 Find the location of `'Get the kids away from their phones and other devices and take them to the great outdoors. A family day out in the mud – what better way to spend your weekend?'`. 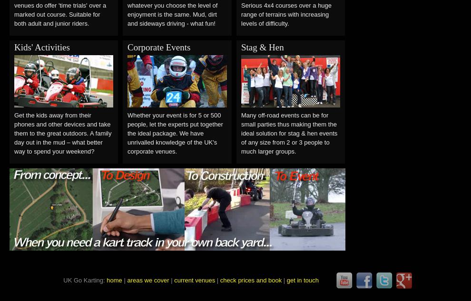

'Get the kids away from their phones and other devices and take them to the great outdoors. A family day out in the mud – what better way to spend your weekend?' is located at coordinates (62, 133).